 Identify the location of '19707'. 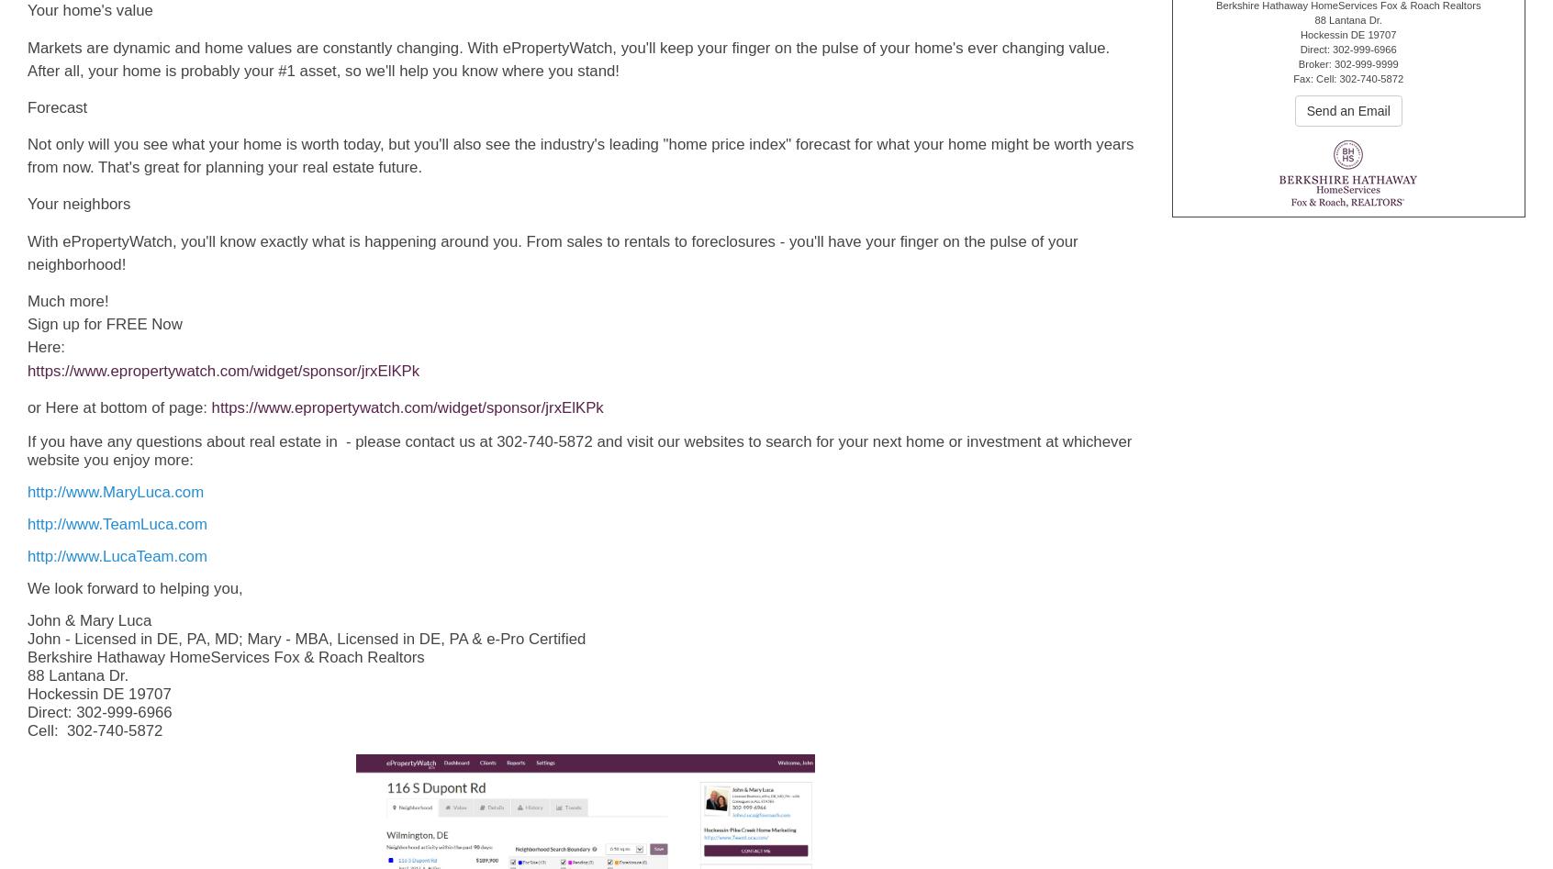
(1381, 34).